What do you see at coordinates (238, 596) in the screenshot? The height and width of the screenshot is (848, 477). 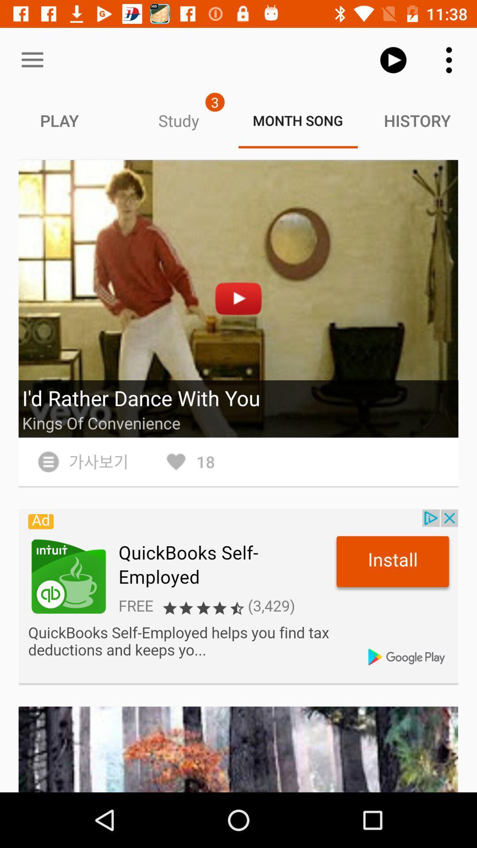 I see `visit sponsor advertisement` at bounding box center [238, 596].